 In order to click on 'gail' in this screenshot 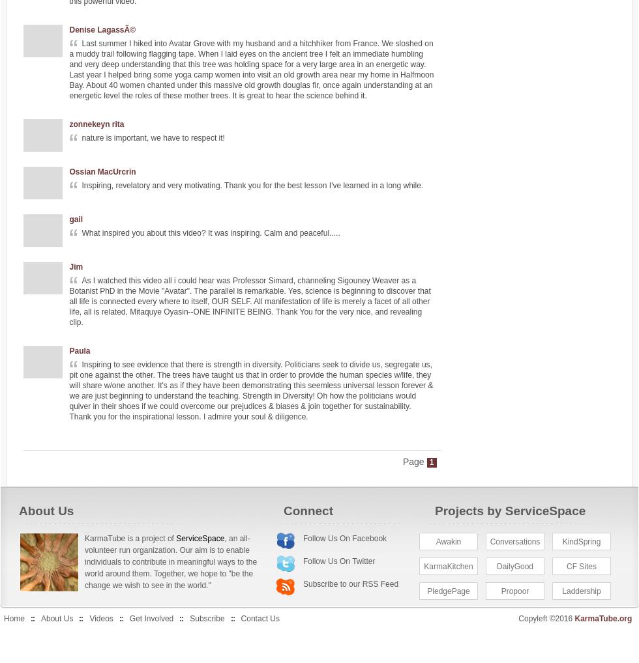, I will do `click(76, 218)`.